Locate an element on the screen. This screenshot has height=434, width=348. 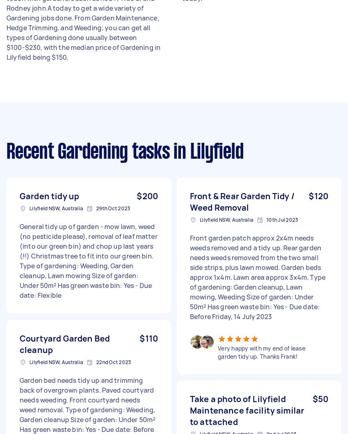
'29th Oct 2023' is located at coordinates (113, 208).